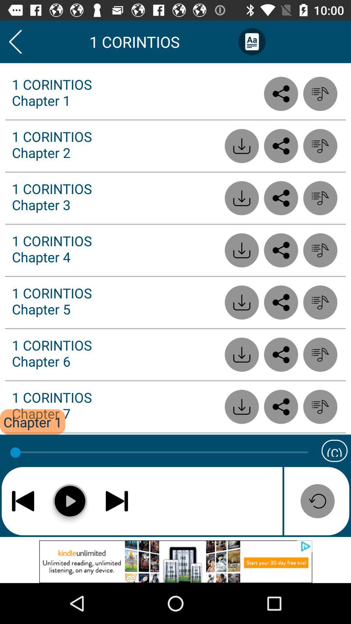 This screenshot has height=624, width=351. Describe the element at coordinates (320, 406) in the screenshot. I see `listen to audio` at that location.